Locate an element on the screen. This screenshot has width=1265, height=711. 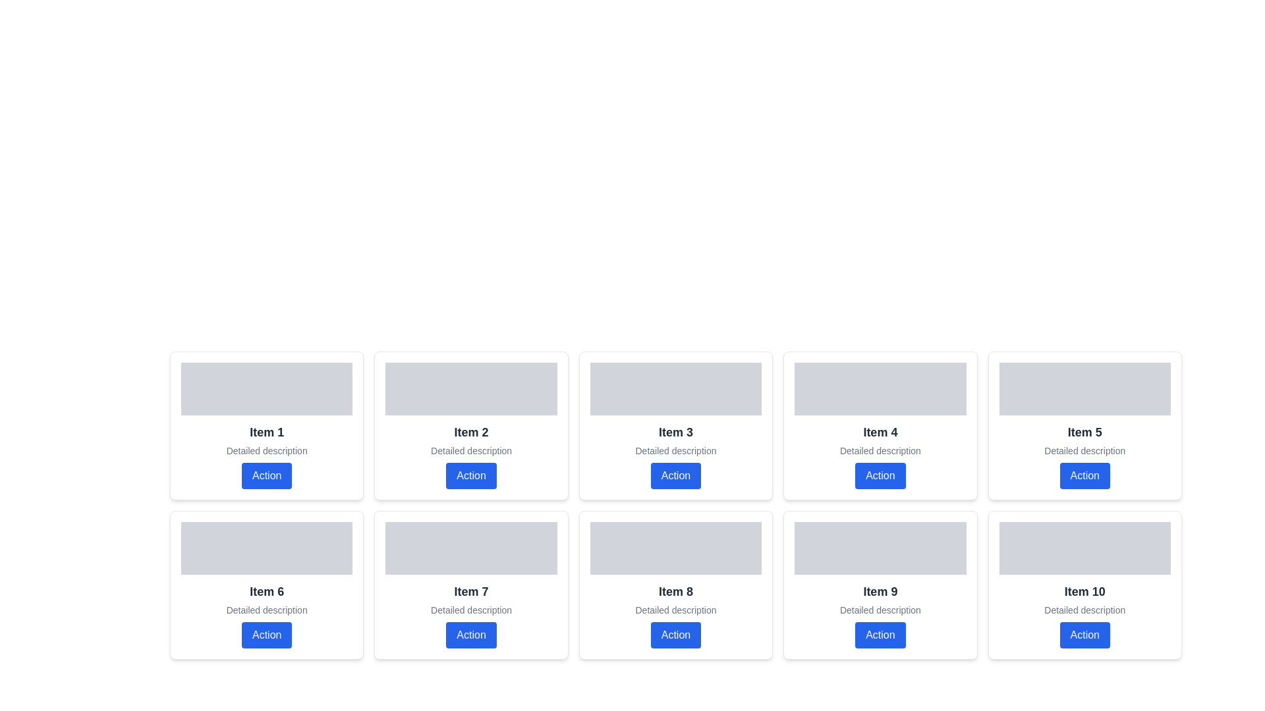
the text label displaying 'Detailed description' located beneath the title text 'Item 5' in the fifth card of the grid layout is located at coordinates (1084, 450).